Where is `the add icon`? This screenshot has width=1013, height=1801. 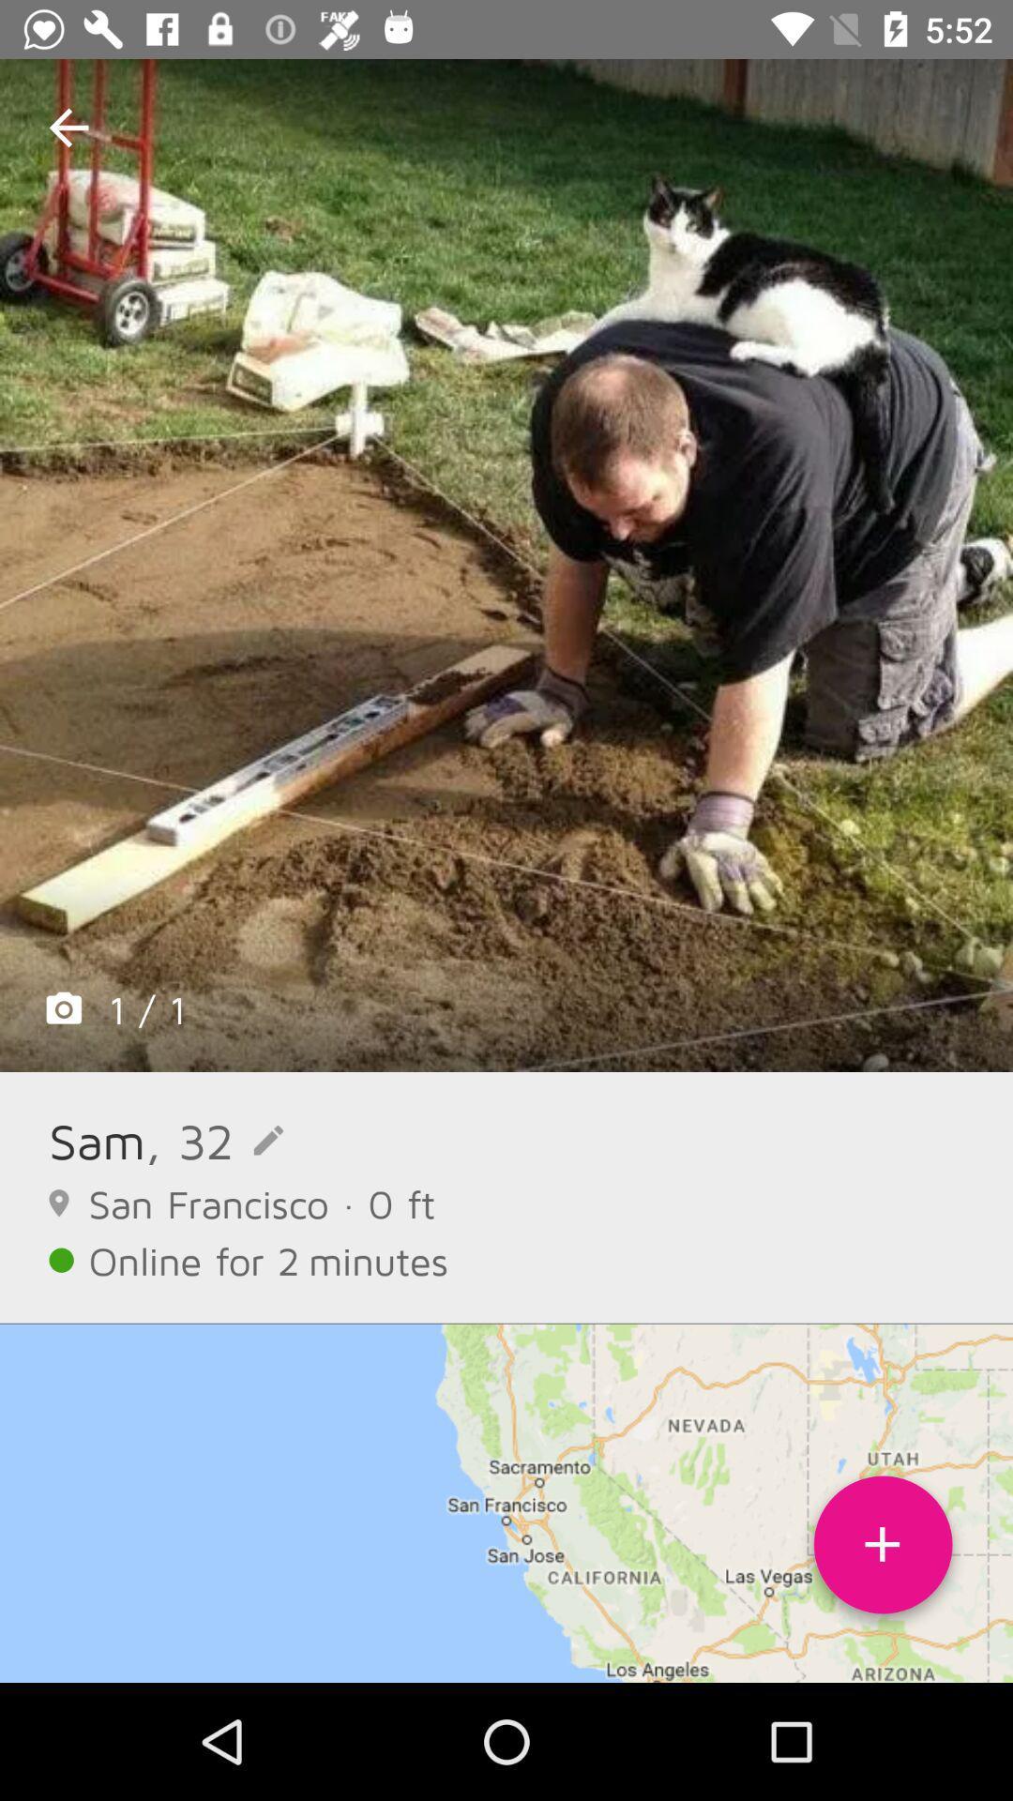 the add icon is located at coordinates (883, 1551).